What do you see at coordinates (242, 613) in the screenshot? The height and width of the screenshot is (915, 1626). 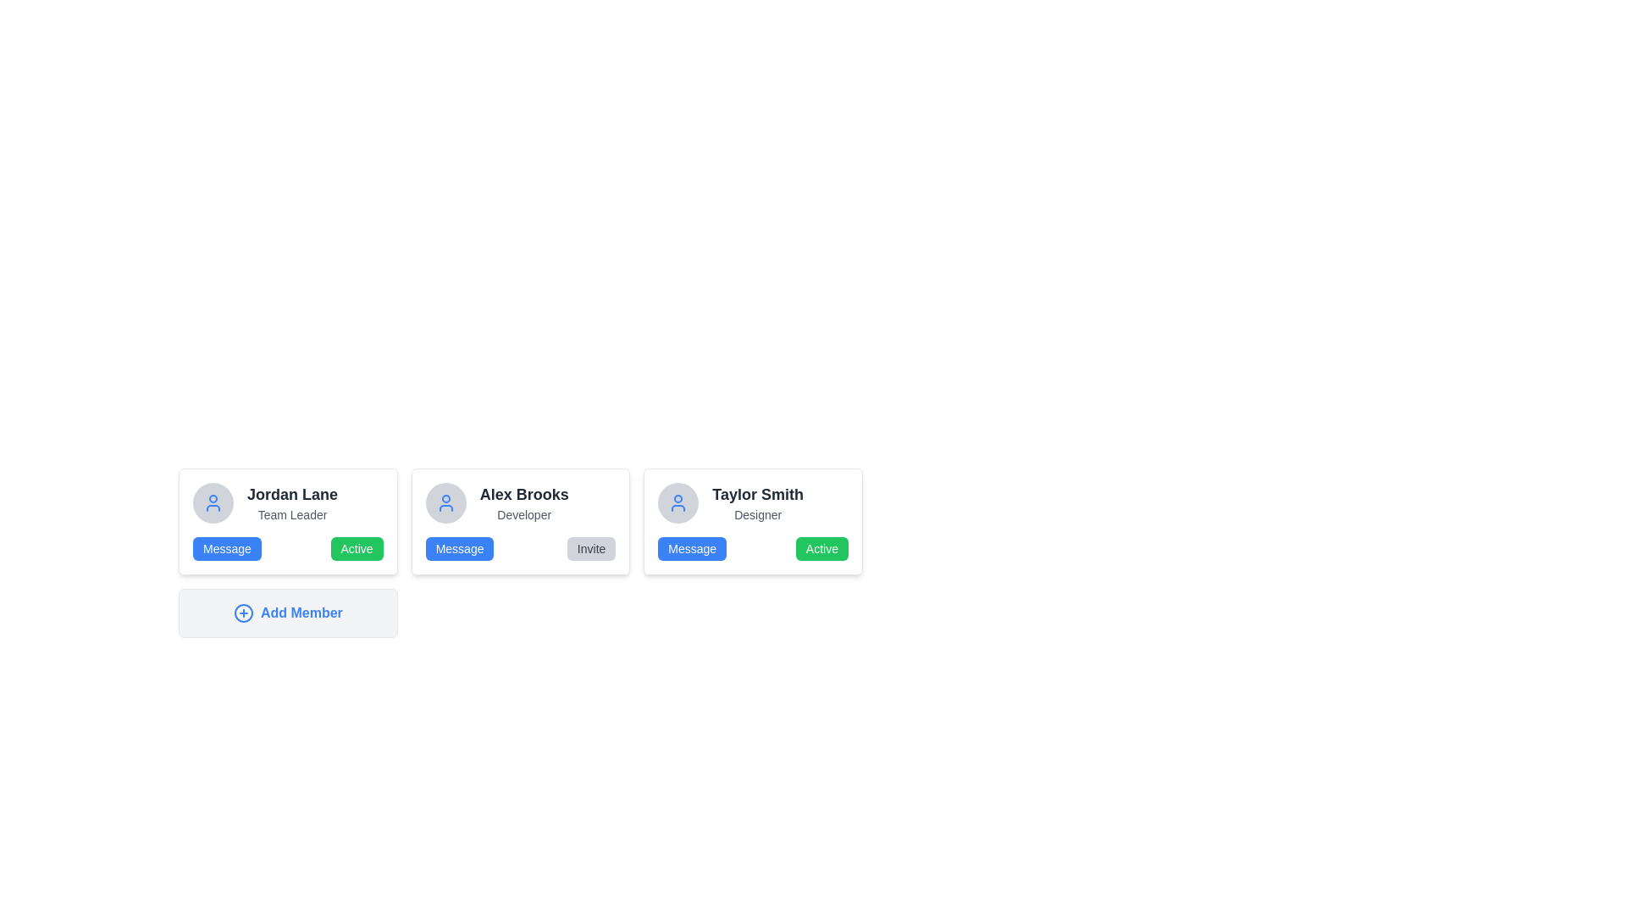 I see `the decorative SVG circle that visually represents the functionality to add a member, located just above the 'Add Member' button` at bounding box center [242, 613].